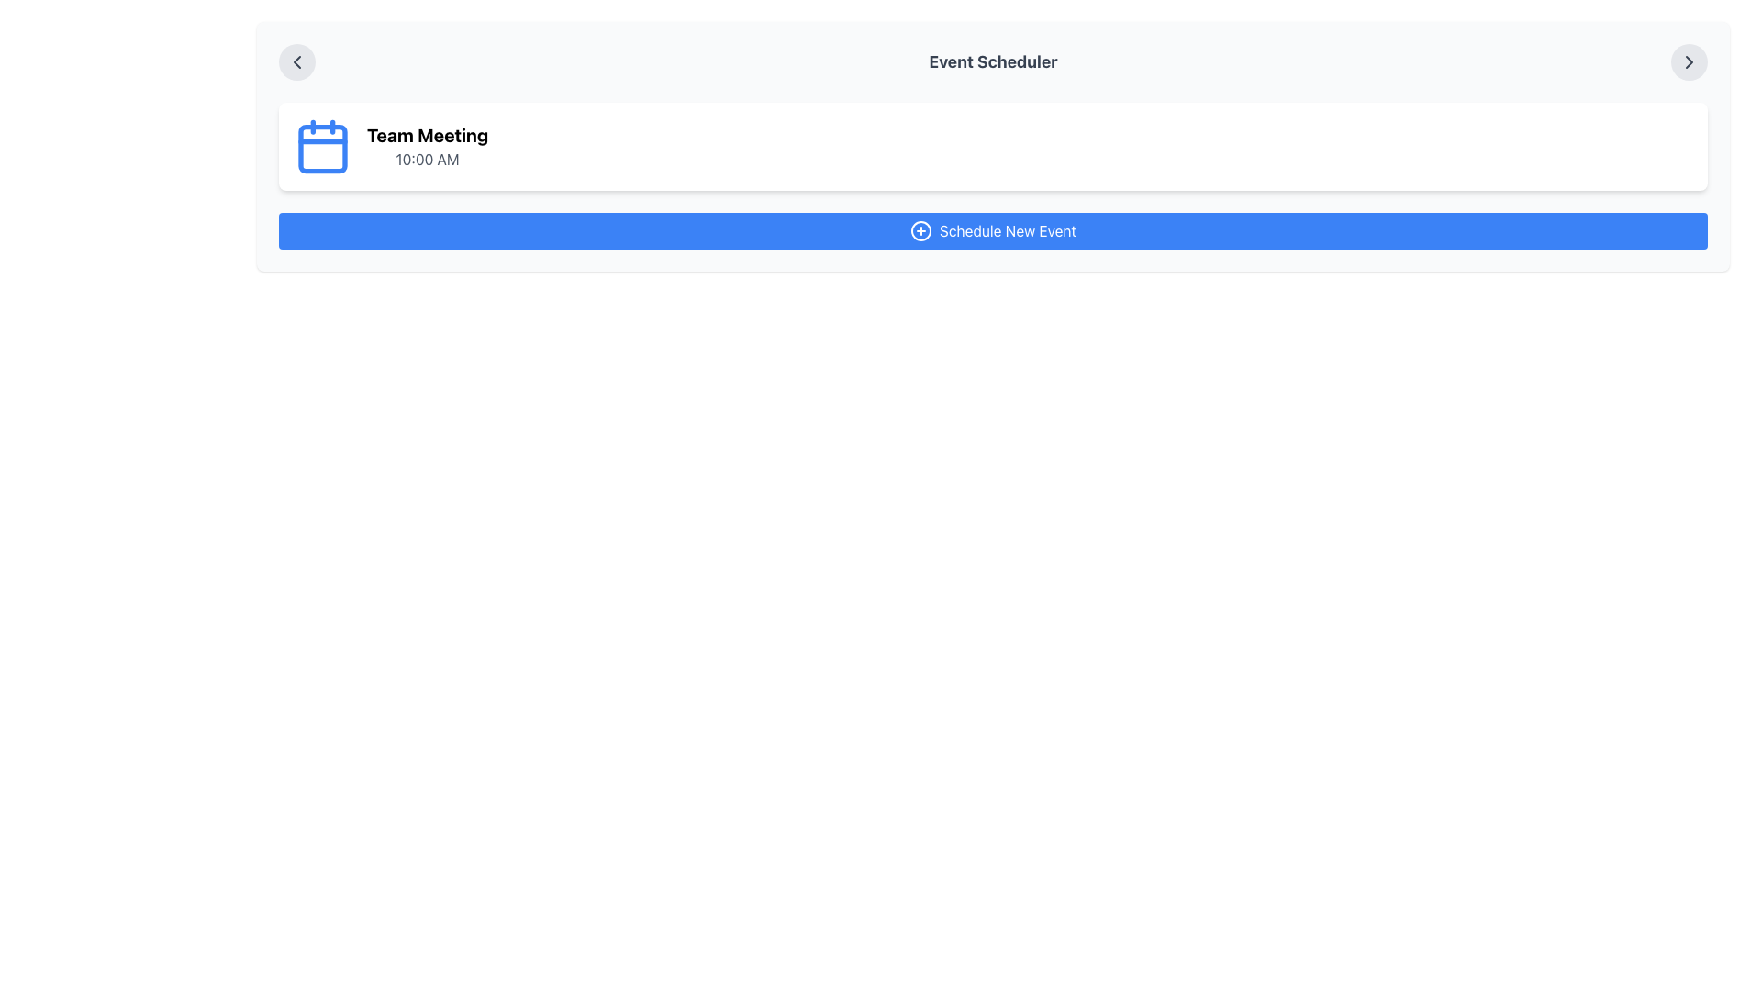 The height and width of the screenshot is (991, 1762). I want to click on the navigation button located to the left of the 'Event Scheduler' title, so click(297, 61).